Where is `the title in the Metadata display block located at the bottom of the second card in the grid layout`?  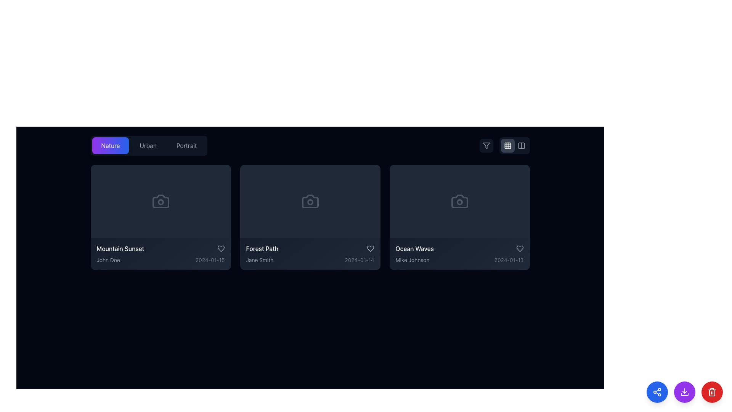 the title in the Metadata display block located at the bottom of the second card in the grid layout is located at coordinates (310, 254).